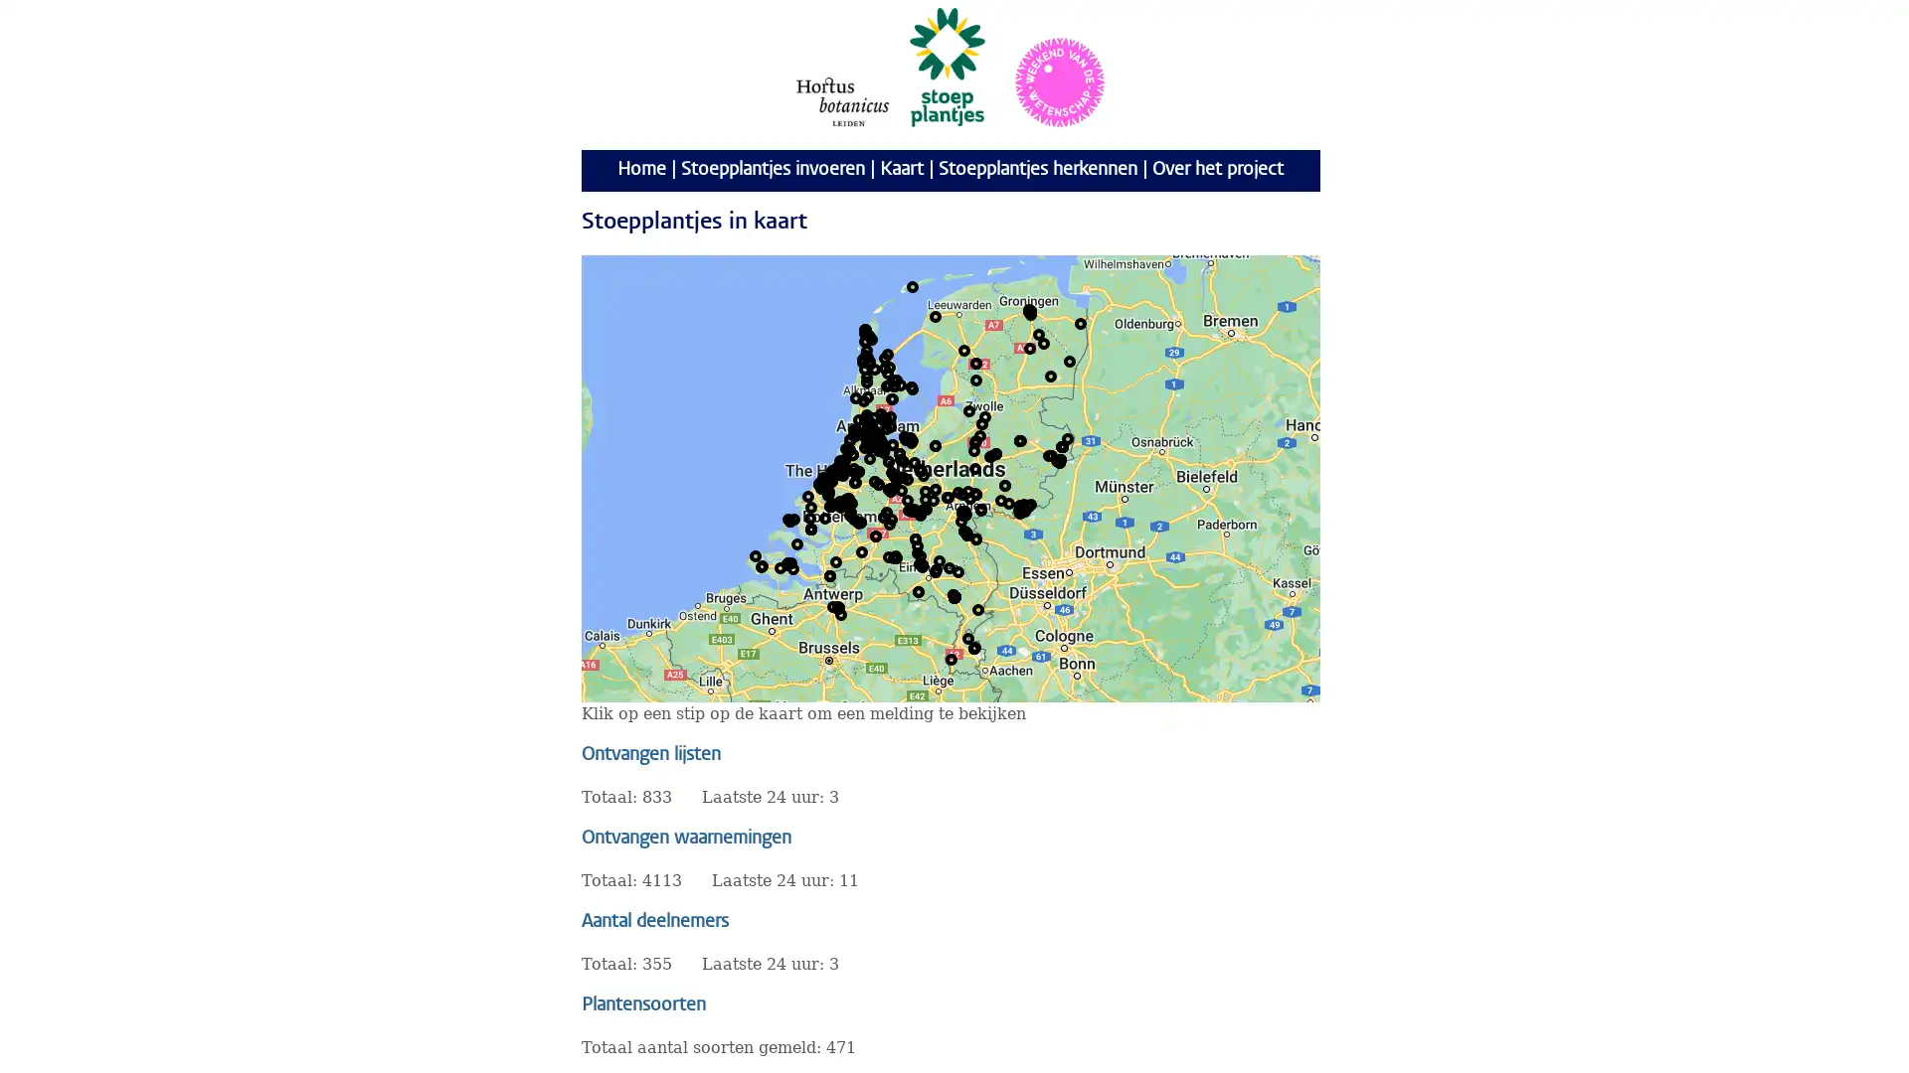  I want to click on Telling van op 17 juni 2022, so click(1020, 439).